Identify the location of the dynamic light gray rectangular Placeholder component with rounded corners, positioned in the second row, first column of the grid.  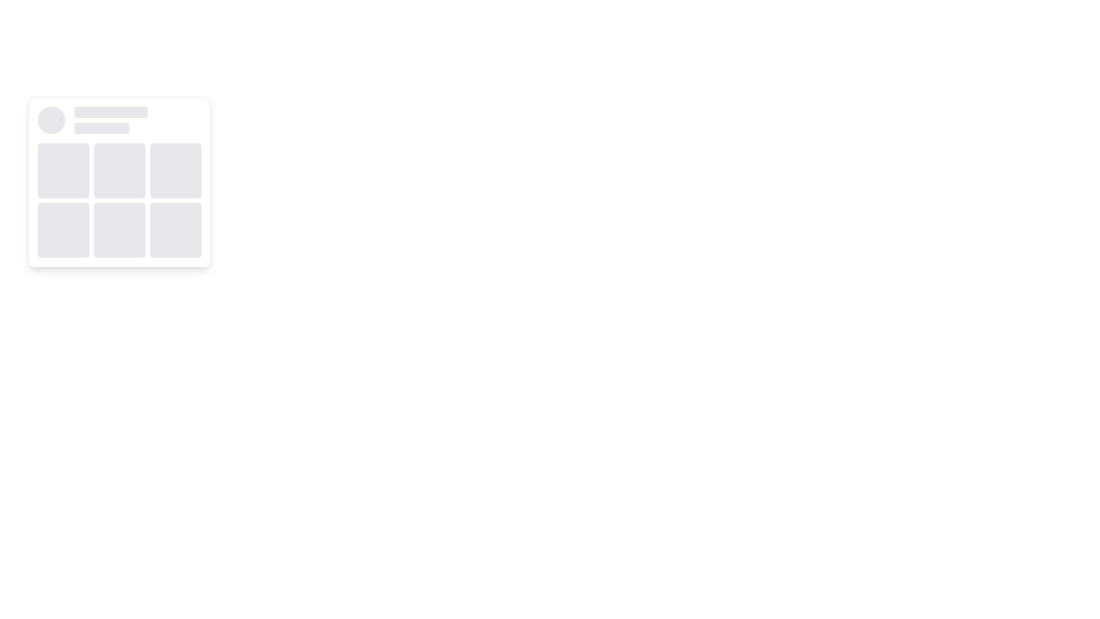
(62, 230).